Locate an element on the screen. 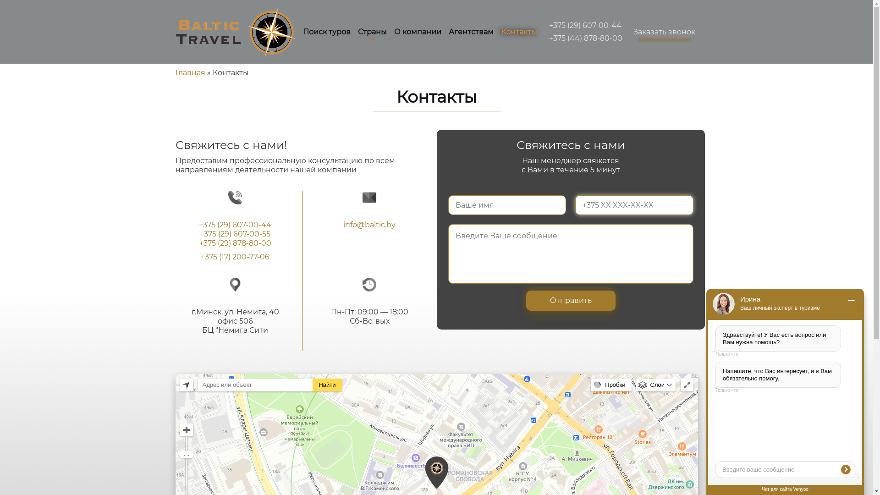 The width and height of the screenshot is (880, 495). '+375 (44) 878-80-00' is located at coordinates (585, 38).